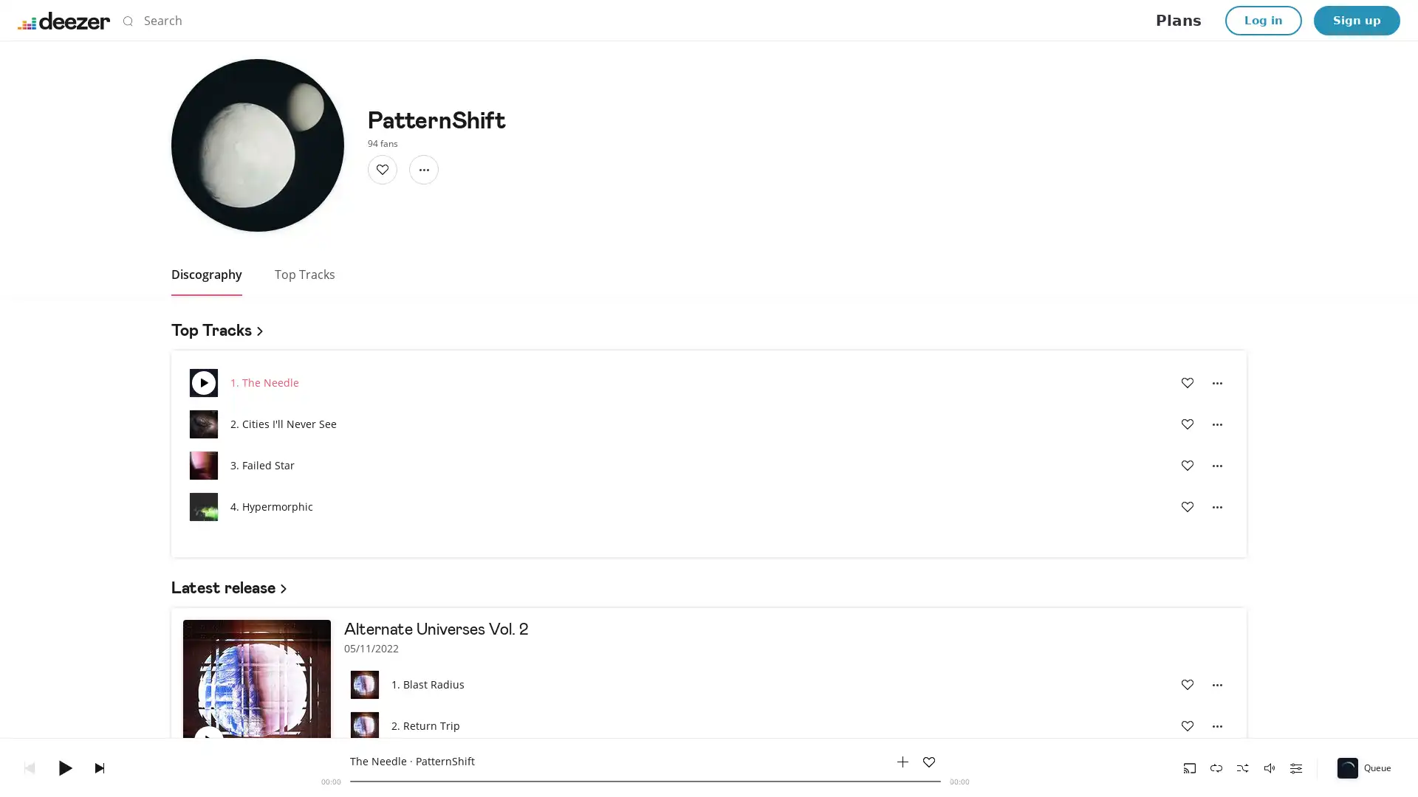 The image size is (1418, 797). Describe the element at coordinates (202, 424) in the screenshot. I see `Play Cities I'll Never See by PatternShift` at that location.